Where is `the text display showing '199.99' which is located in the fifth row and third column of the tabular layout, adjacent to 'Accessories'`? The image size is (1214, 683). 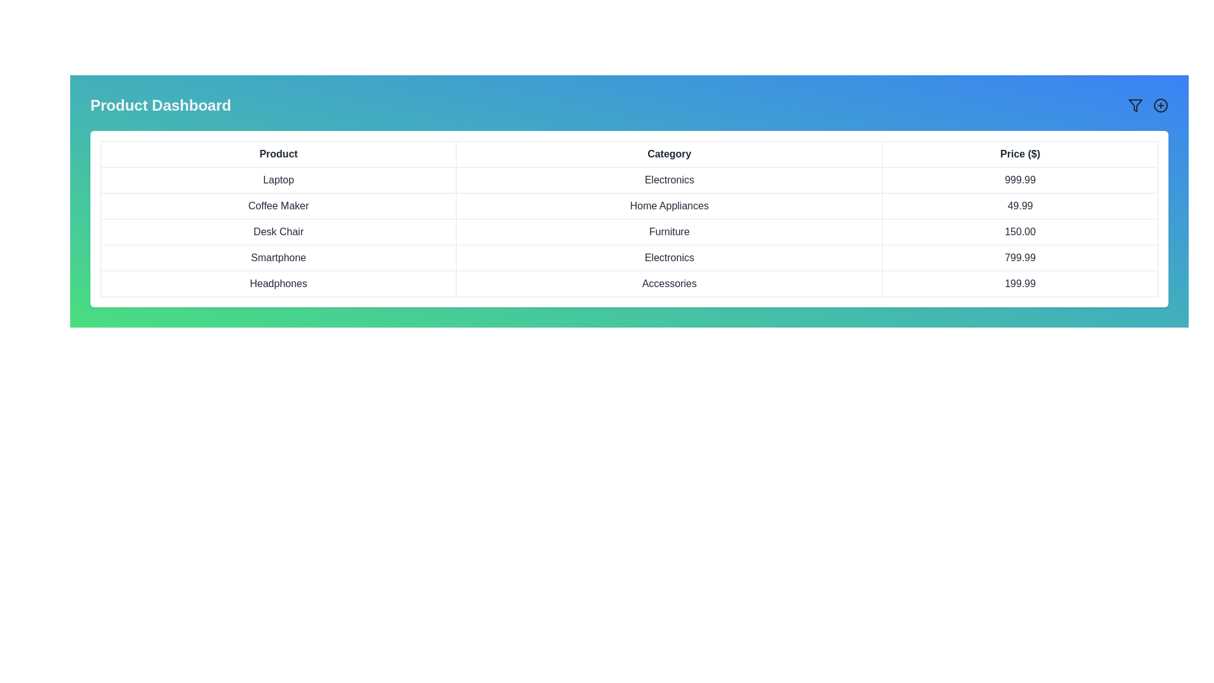
the text display showing '199.99' which is located in the fifth row and third column of the tabular layout, adjacent to 'Accessories' is located at coordinates (1020, 283).